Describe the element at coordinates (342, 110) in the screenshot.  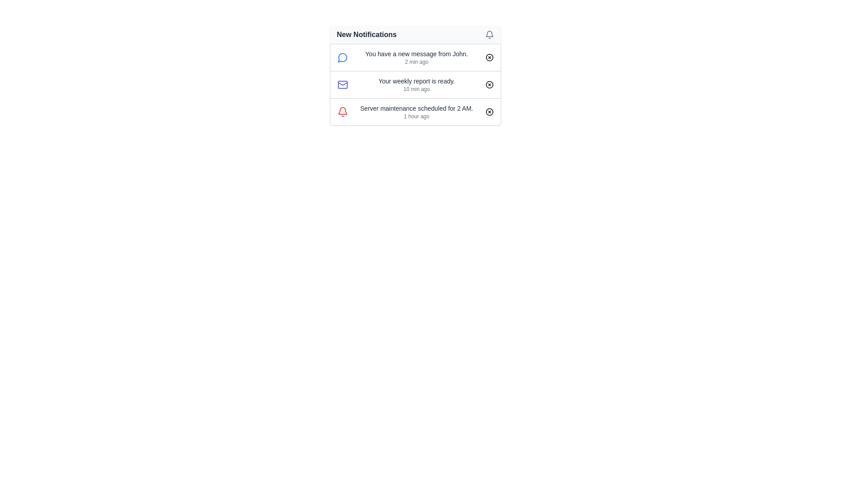
I see `the bell-shaped notification icon` at that location.